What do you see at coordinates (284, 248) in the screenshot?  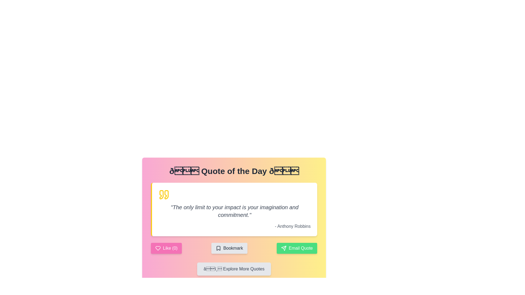 I see `the graphic icon within the vibrant green square button labeled 'Email Quote', which is located in the lower right corner of the panel, to the right of the 'Bookmark' button` at bounding box center [284, 248].